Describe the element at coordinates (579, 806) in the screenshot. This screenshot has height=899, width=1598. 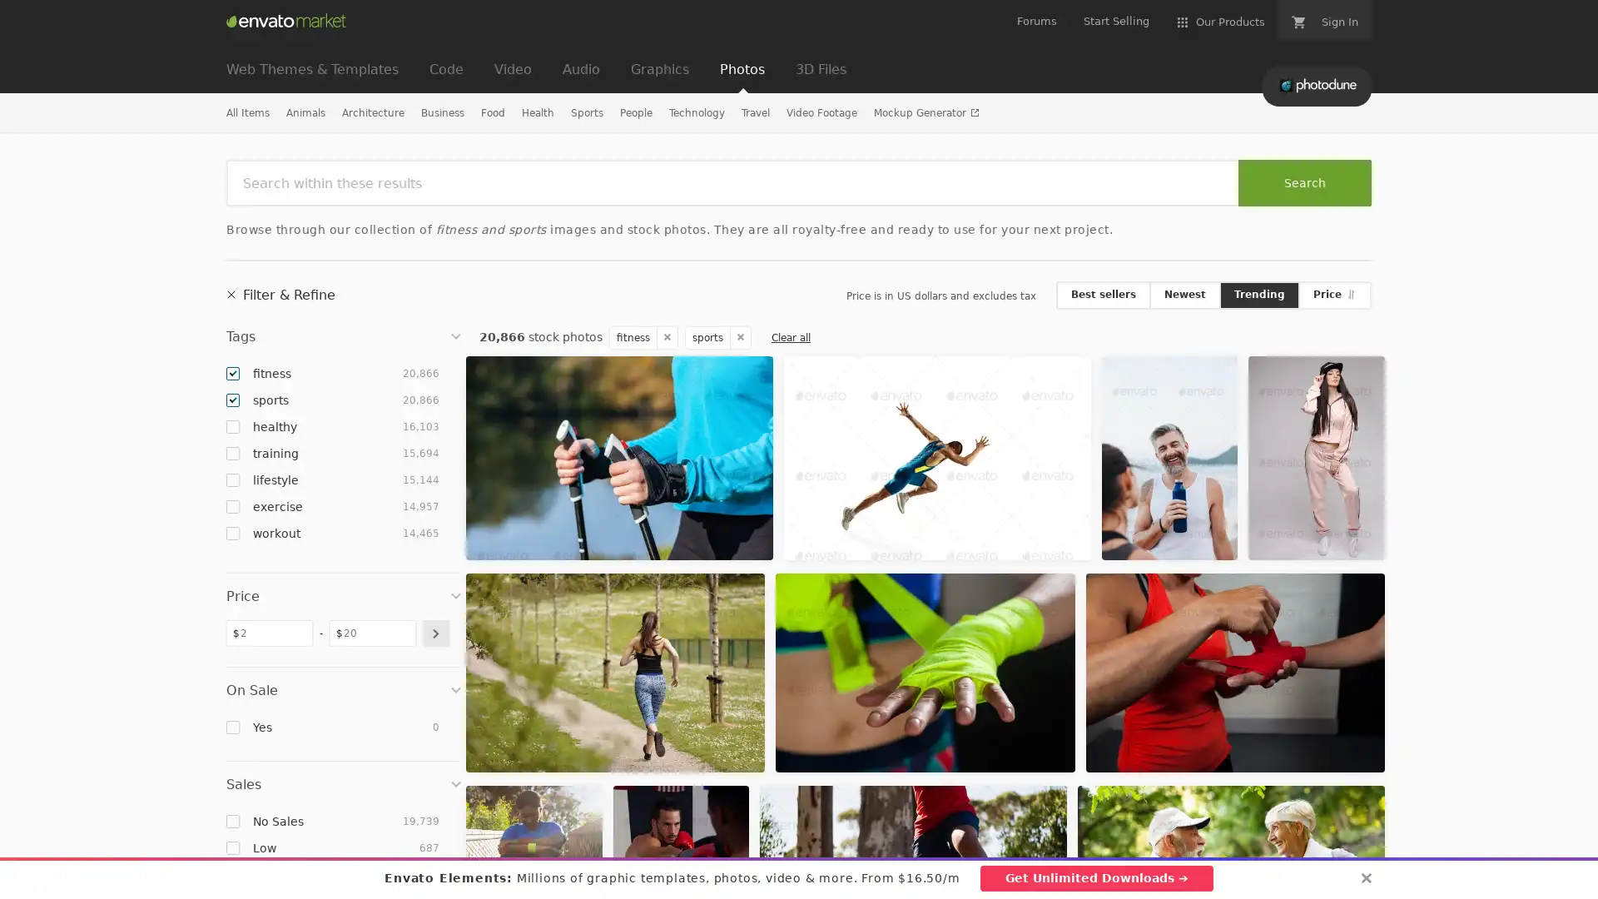
I see `Add to Favorites` at that location.